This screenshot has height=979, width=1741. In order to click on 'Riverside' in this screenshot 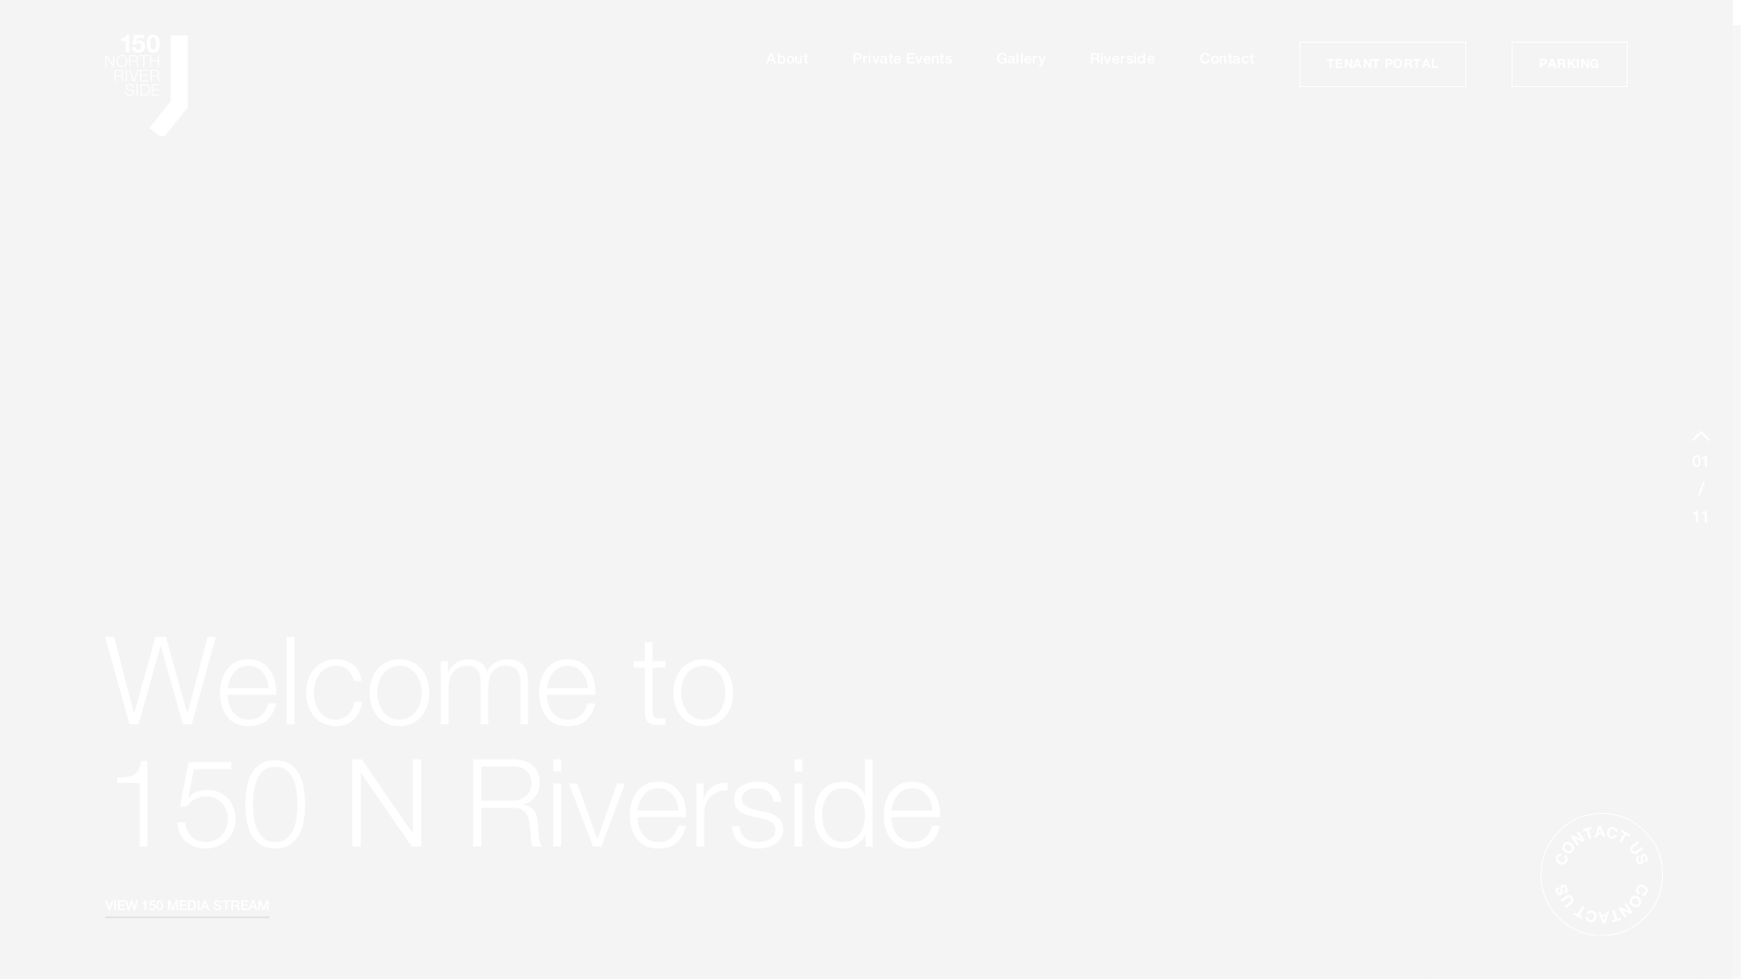, I will do `click(1122, 58)`.